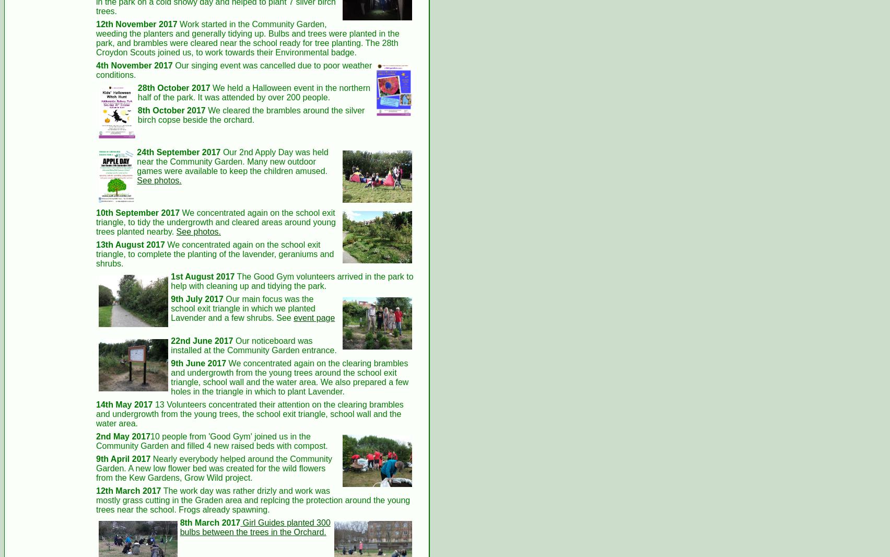 The height and width of the screenshot is (557, 890). I want to click on '22nd June 2017', so click(201, 340).